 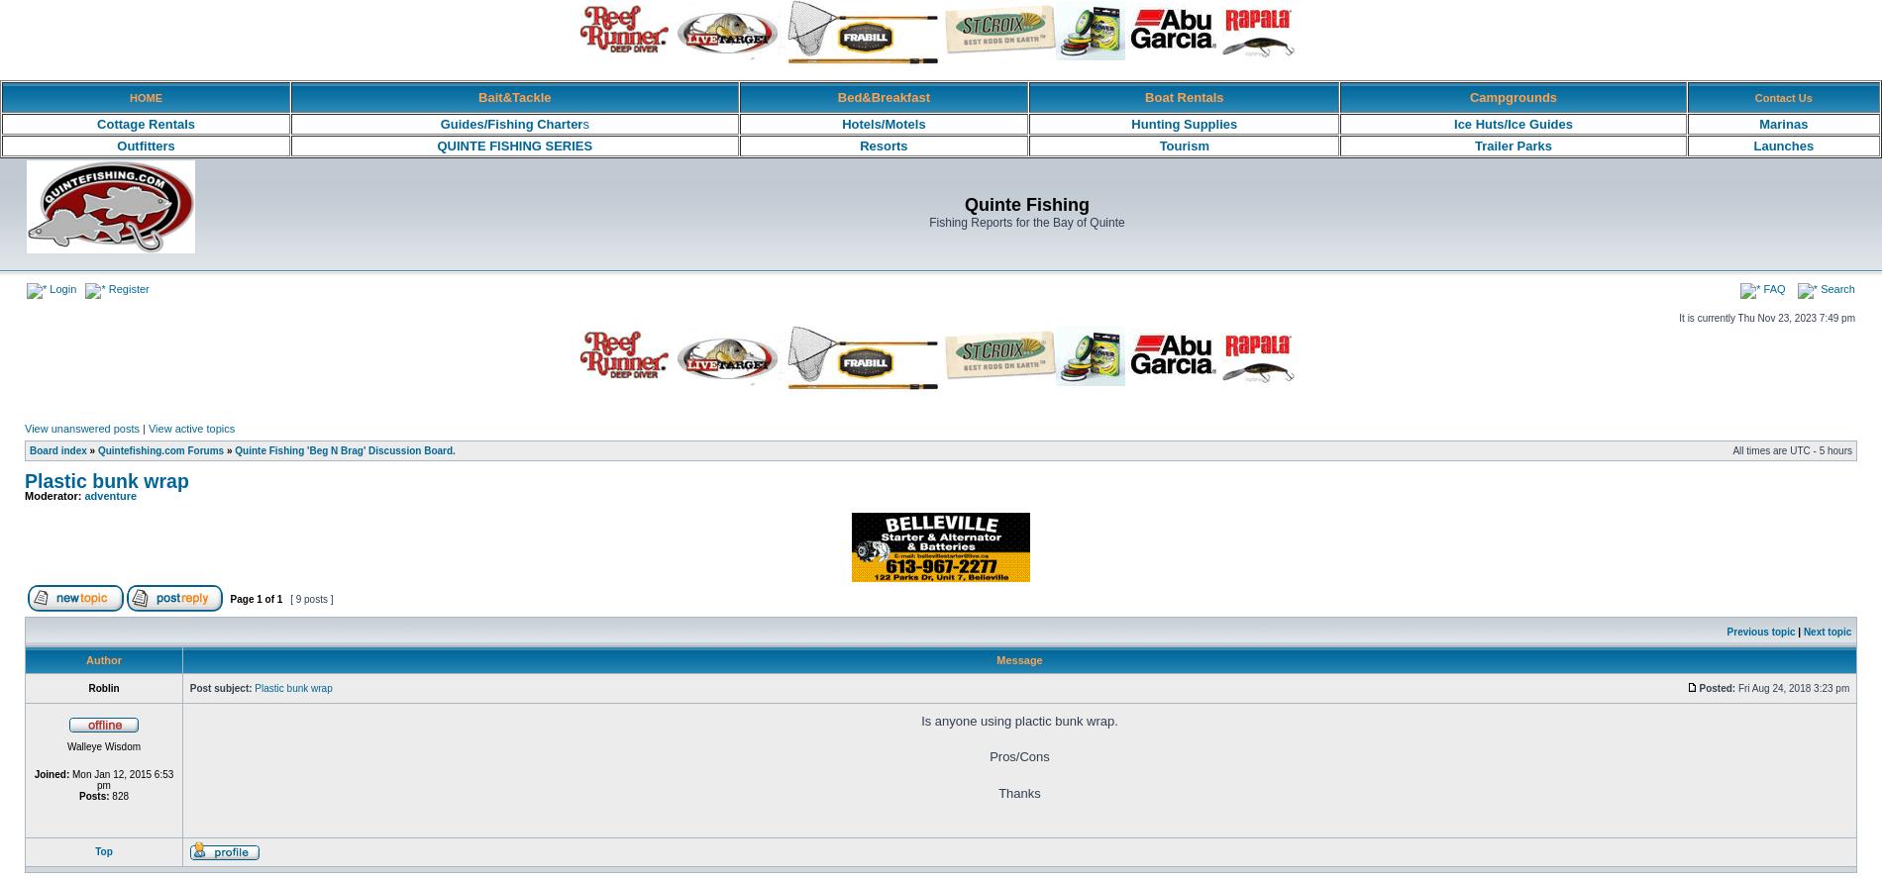 What do you see at coordinates (1752, 146) in the screenshot?
I see `'Launches'` at bounding box center [1752, 146].